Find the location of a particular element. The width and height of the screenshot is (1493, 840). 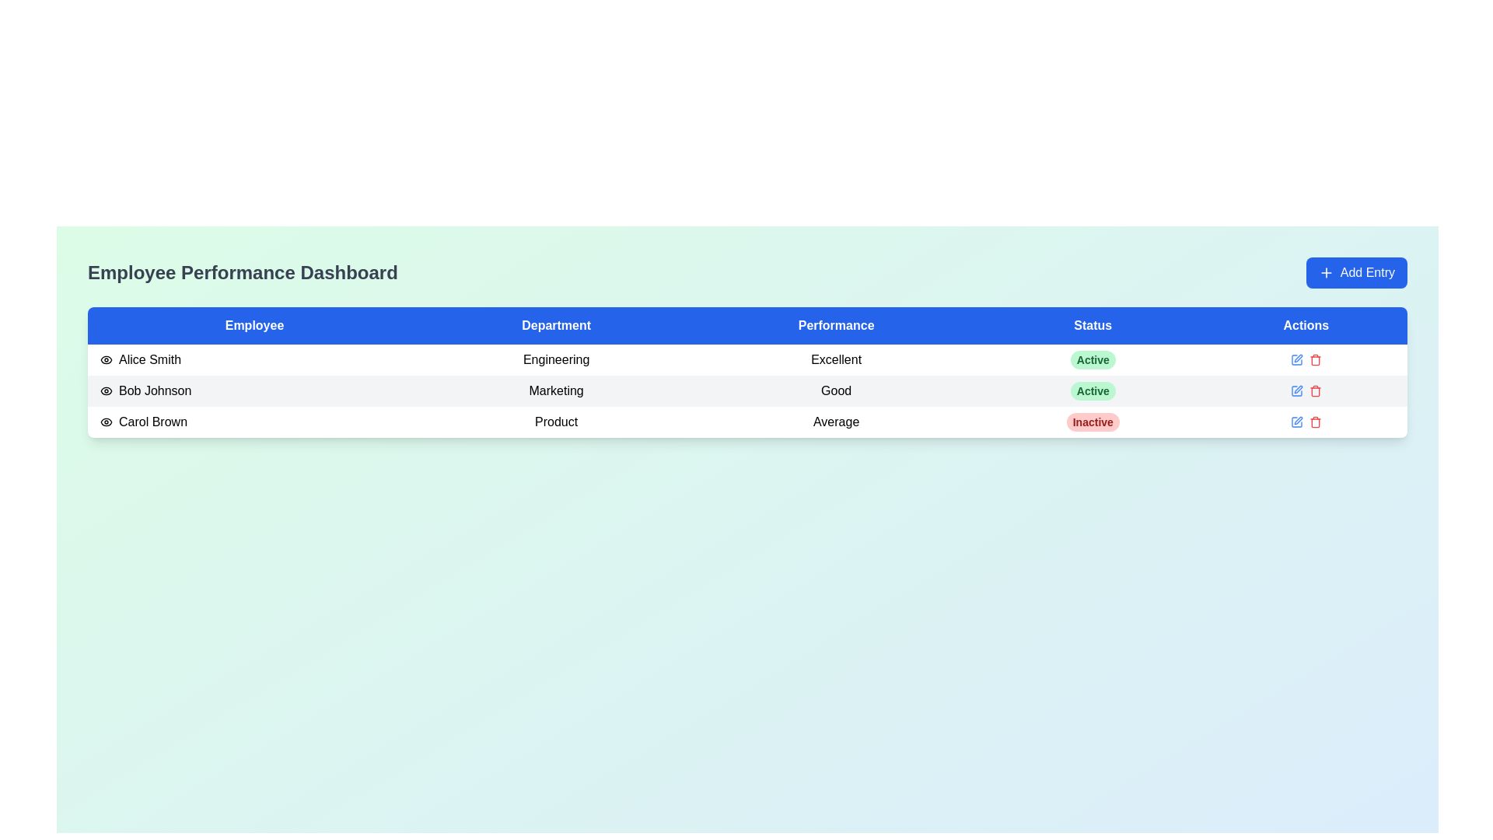

the visual indicator icon located at the far left of the 'Carol Brown' row in the 'Employee' column is located at coordinates (106, 422).